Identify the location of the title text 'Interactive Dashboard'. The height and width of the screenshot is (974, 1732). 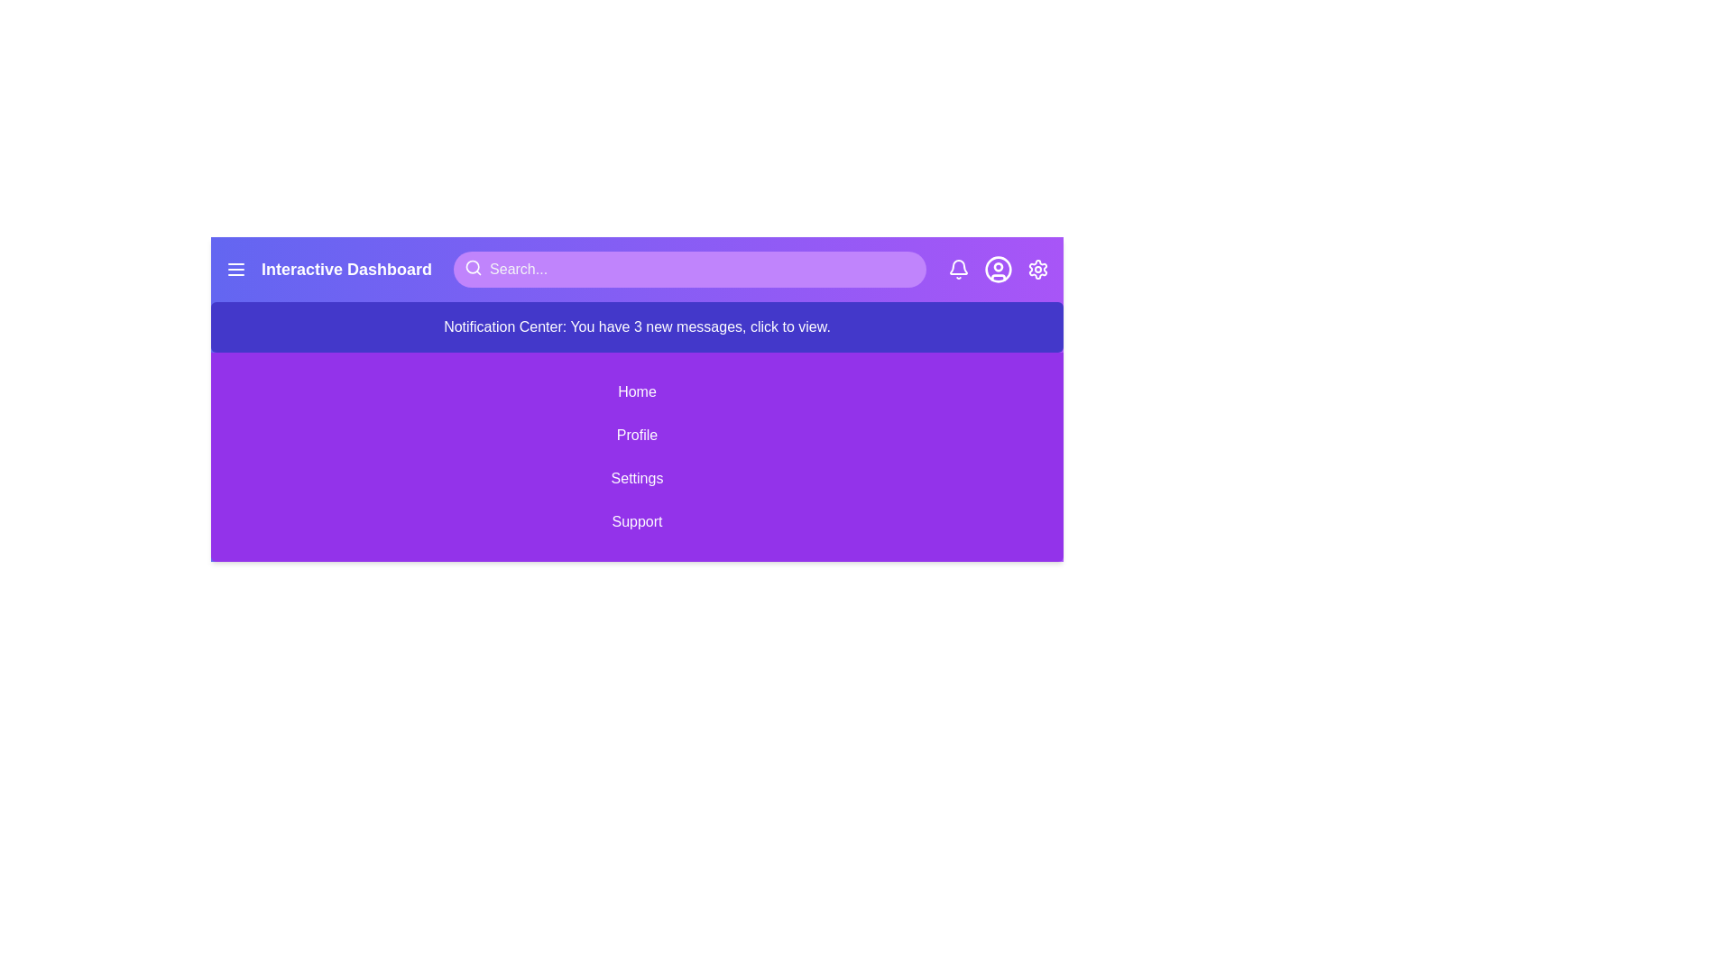
(346, 270).